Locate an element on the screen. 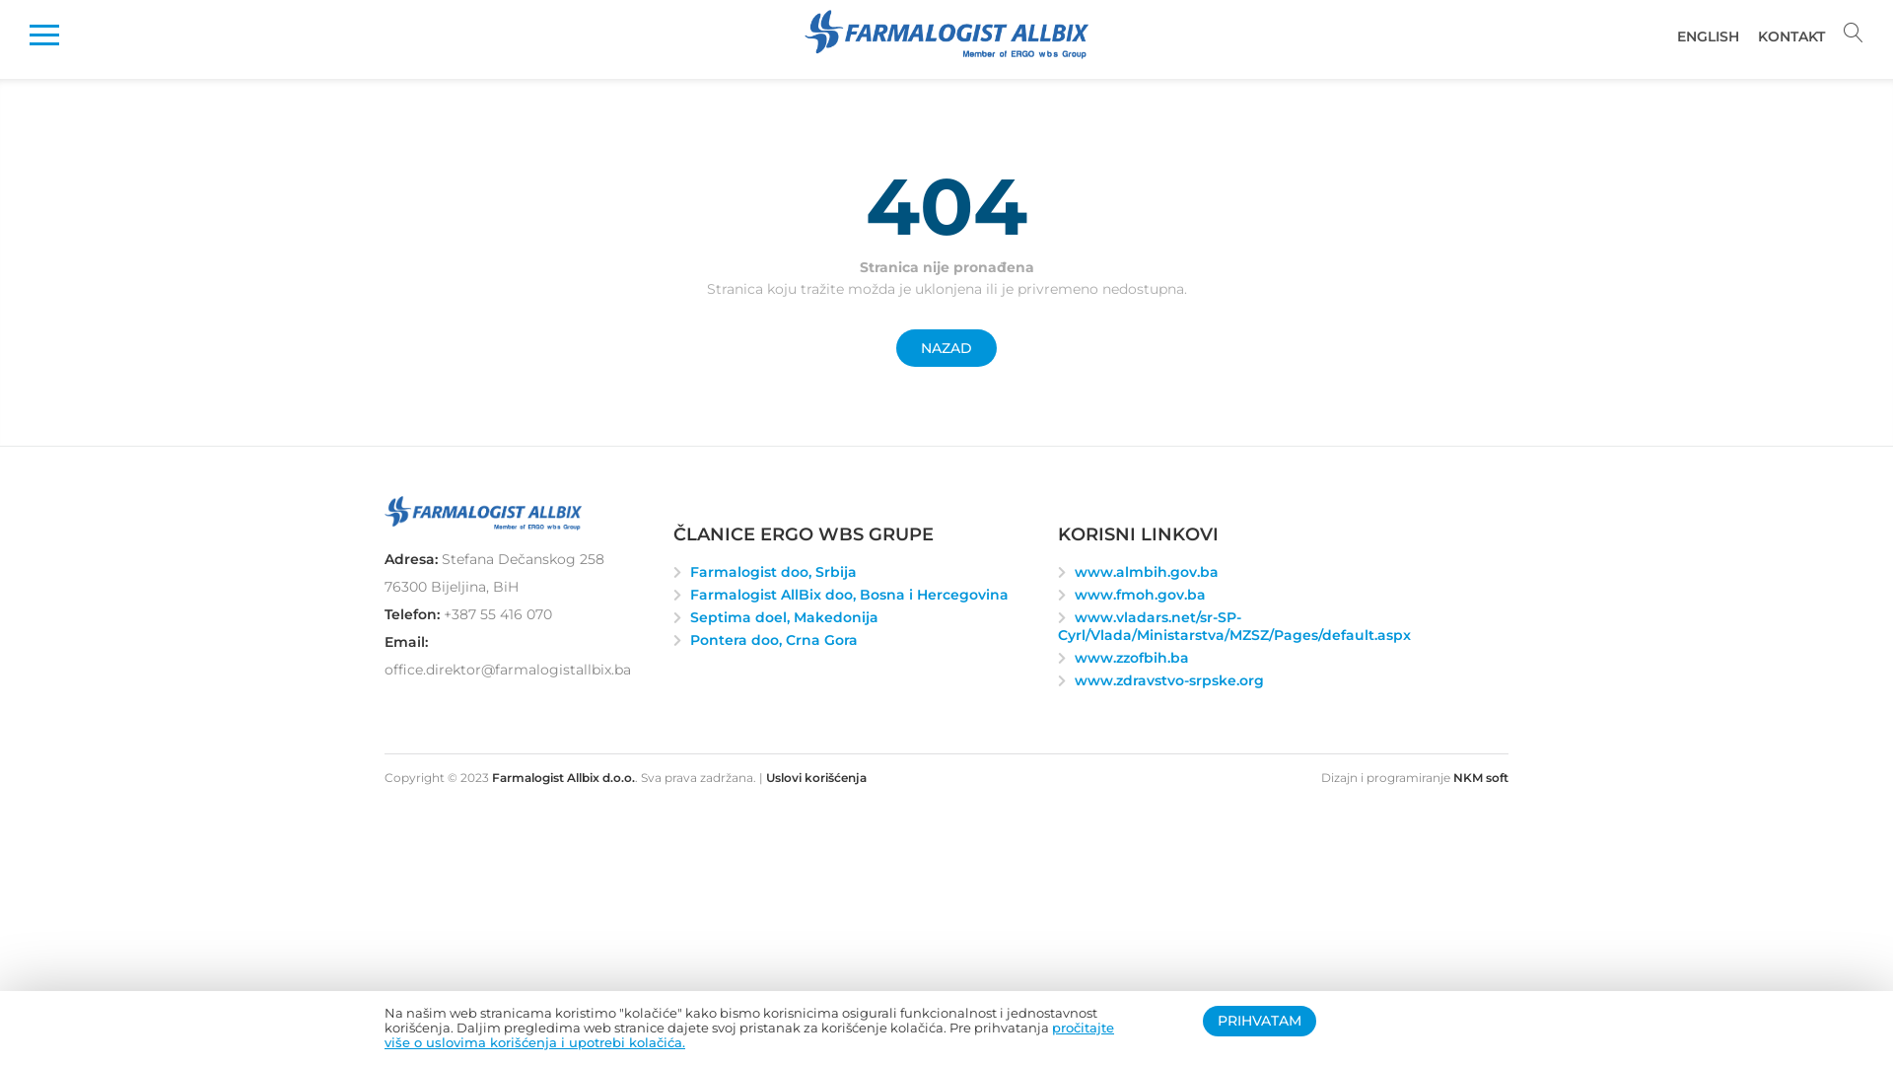 The width and height of the screenshot is (1893, 1065). 'Farmalogist AllBix doo, Bosna i Hercegovina' is located at coordinates (849, 593).